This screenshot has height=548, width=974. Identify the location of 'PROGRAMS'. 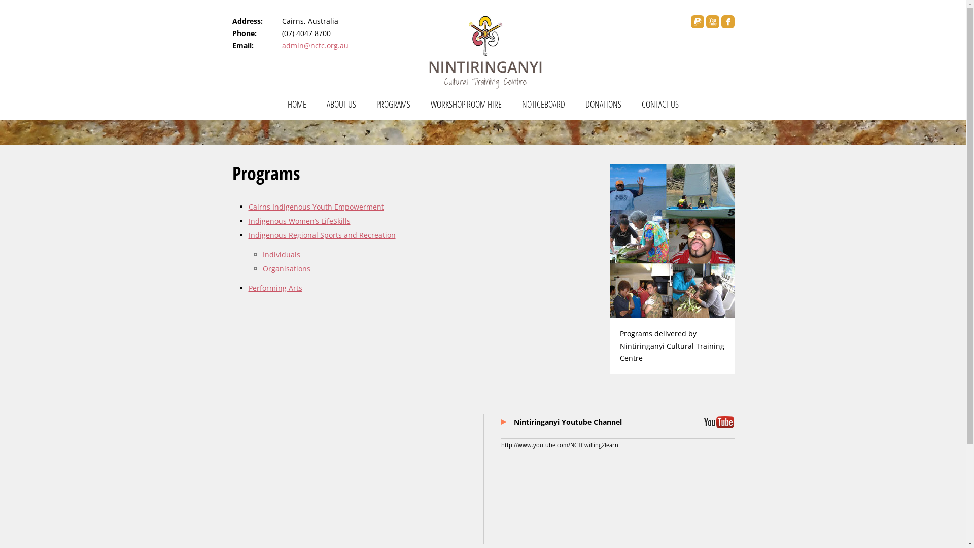
(393, 108).